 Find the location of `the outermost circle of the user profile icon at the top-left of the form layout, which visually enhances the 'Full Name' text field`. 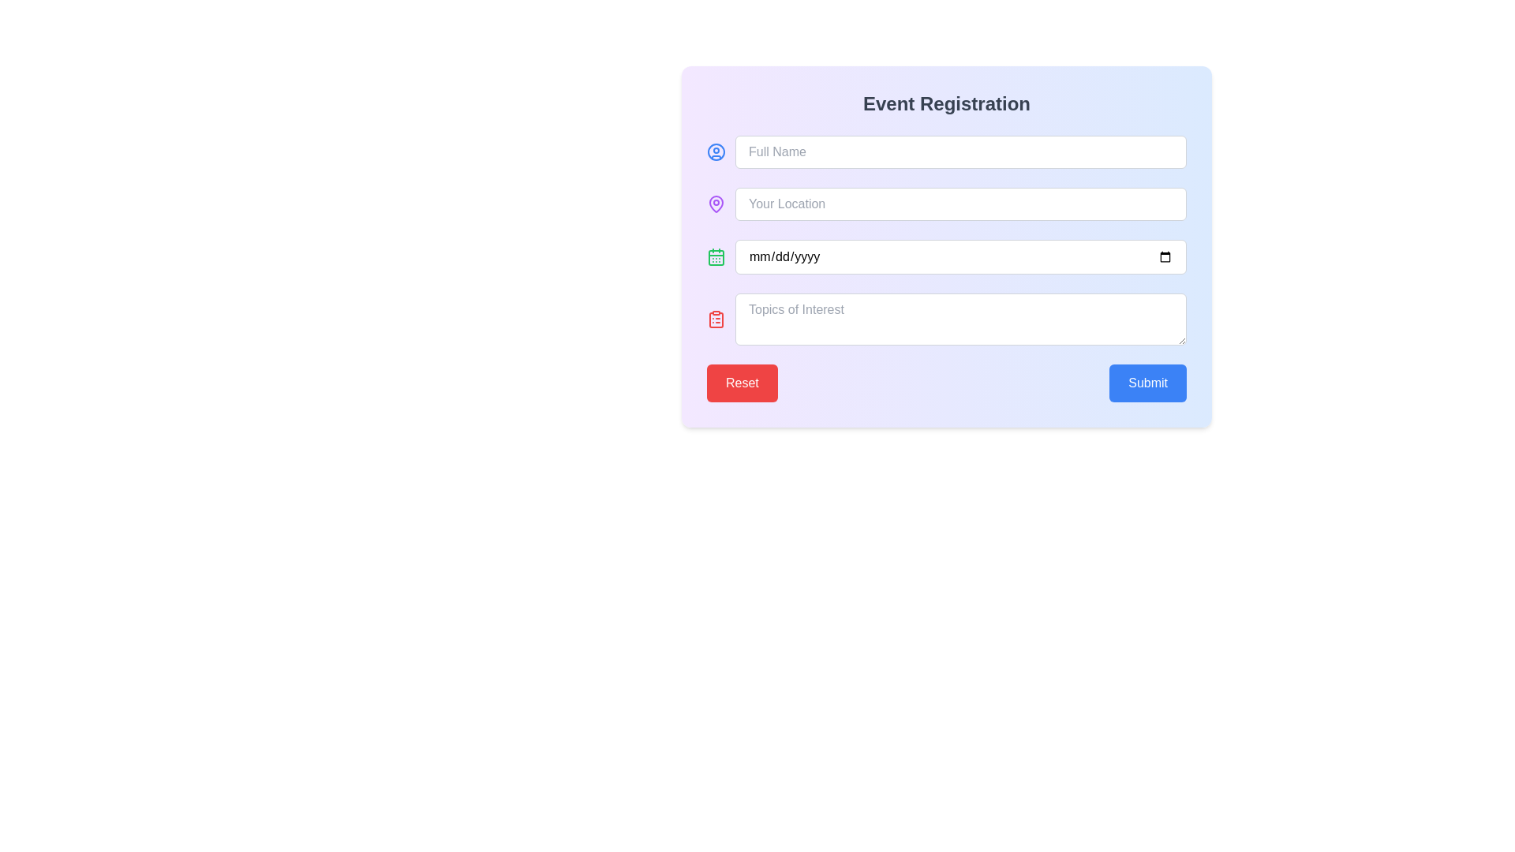

the outermost circle of the user profile icon at the top-left of the form layout, which visually enhances the 'Full Name' text field is located at coordinates (715, 151).